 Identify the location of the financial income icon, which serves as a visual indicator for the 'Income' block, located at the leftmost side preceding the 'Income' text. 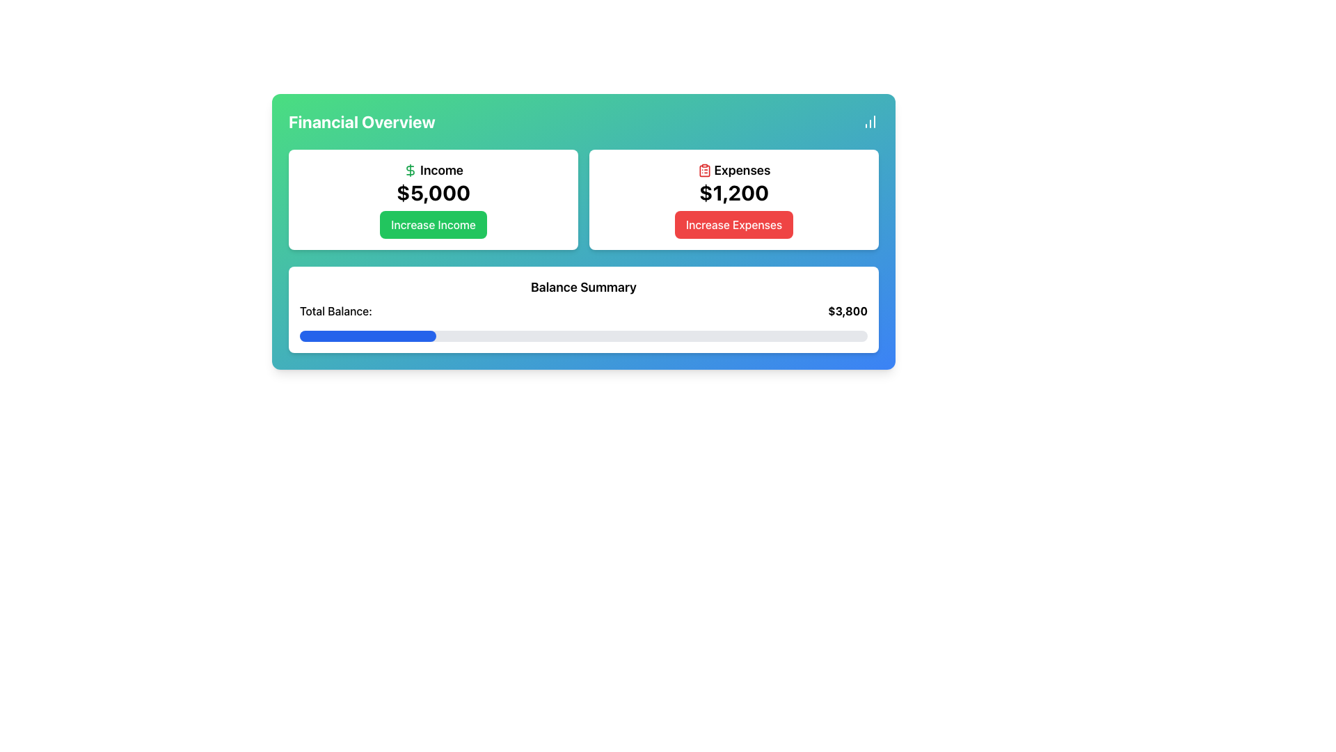
(410, 170).